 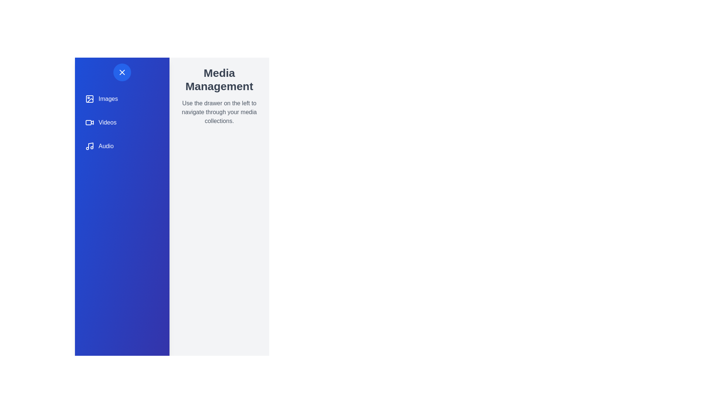 What do you see at coordinates (89, 122) in the screenshot?
I see `the blue rectangular graphic element with rounded corners located inside the 'Videos' icon in the left navigation menu` at bounding box center [89, 122].